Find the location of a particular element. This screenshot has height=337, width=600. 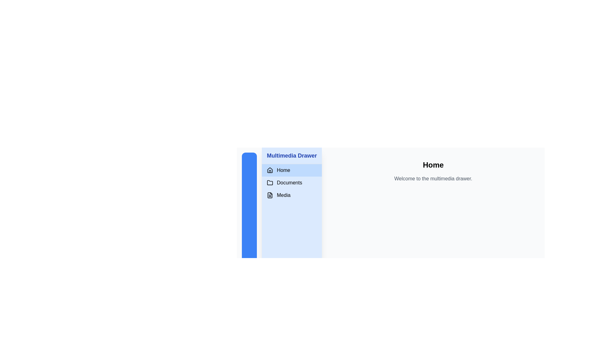

the 'Documents' icon in the multimedia navigation drawer, which is the second icon in the navigation list is located at coordinates (270, 183).